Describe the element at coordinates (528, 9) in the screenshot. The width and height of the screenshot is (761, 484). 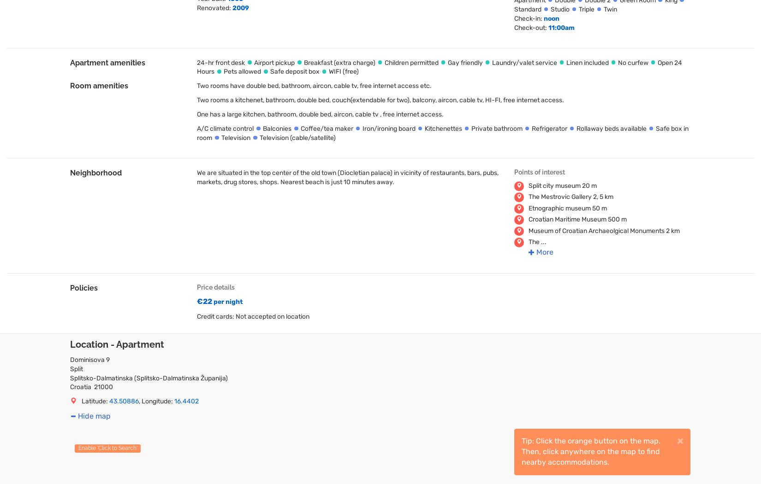
I see `'Standard'` at that location.